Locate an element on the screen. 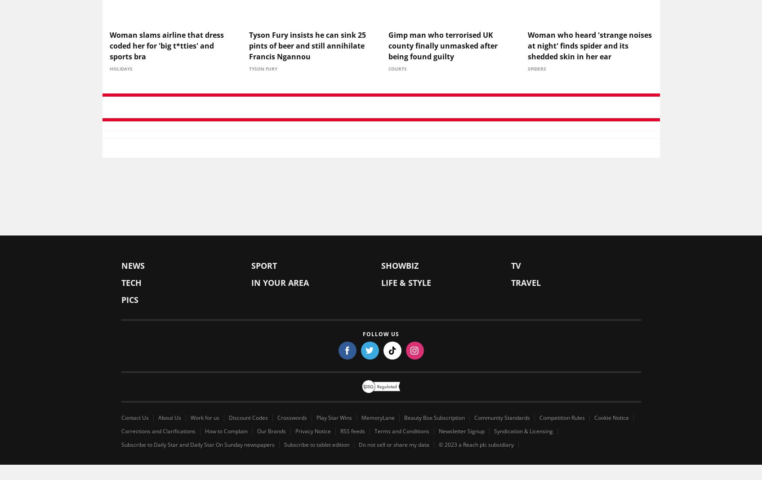 The image size is (762, 480). 'MemoryLane' is located at coordinates (378, 419).